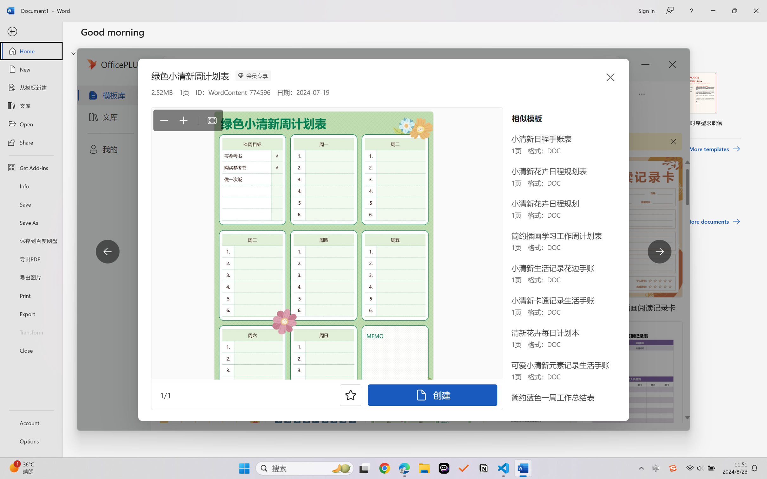  Describe the element at coordinates (31, 69) in the screenshot. I see `'New'` at that location.